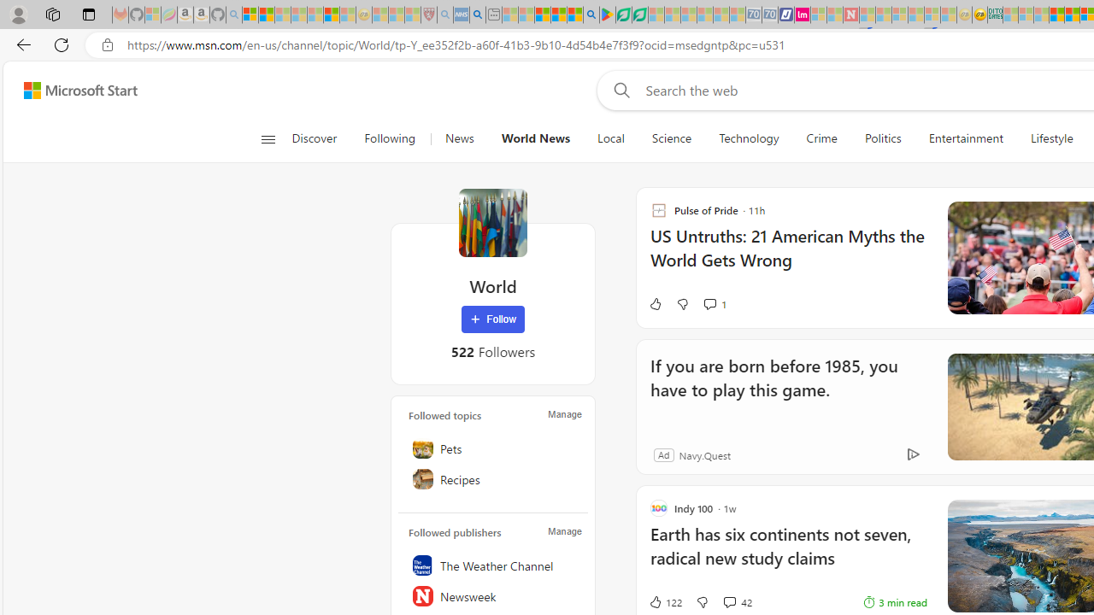  I want to click on 'World', so click(492, 222).